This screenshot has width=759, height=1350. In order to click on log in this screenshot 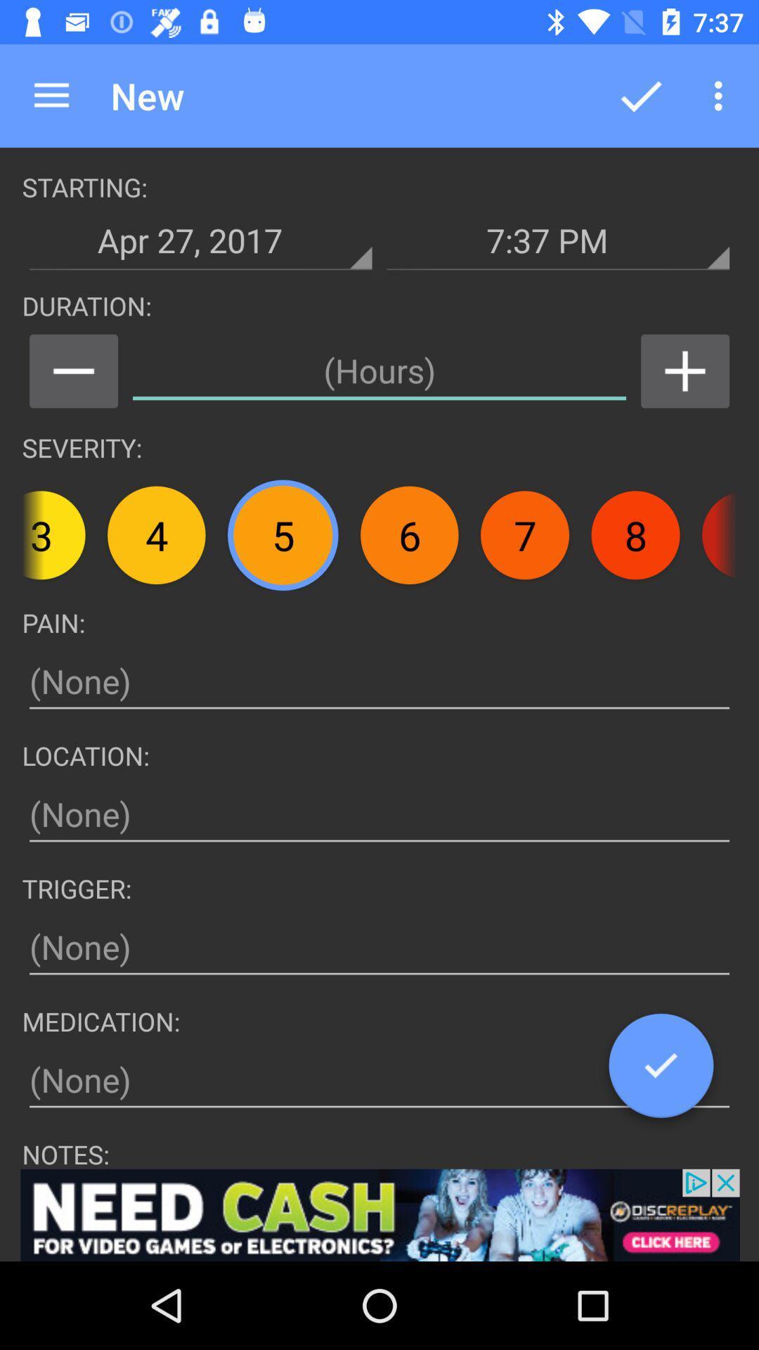, I will do `click(661, 1070)`.